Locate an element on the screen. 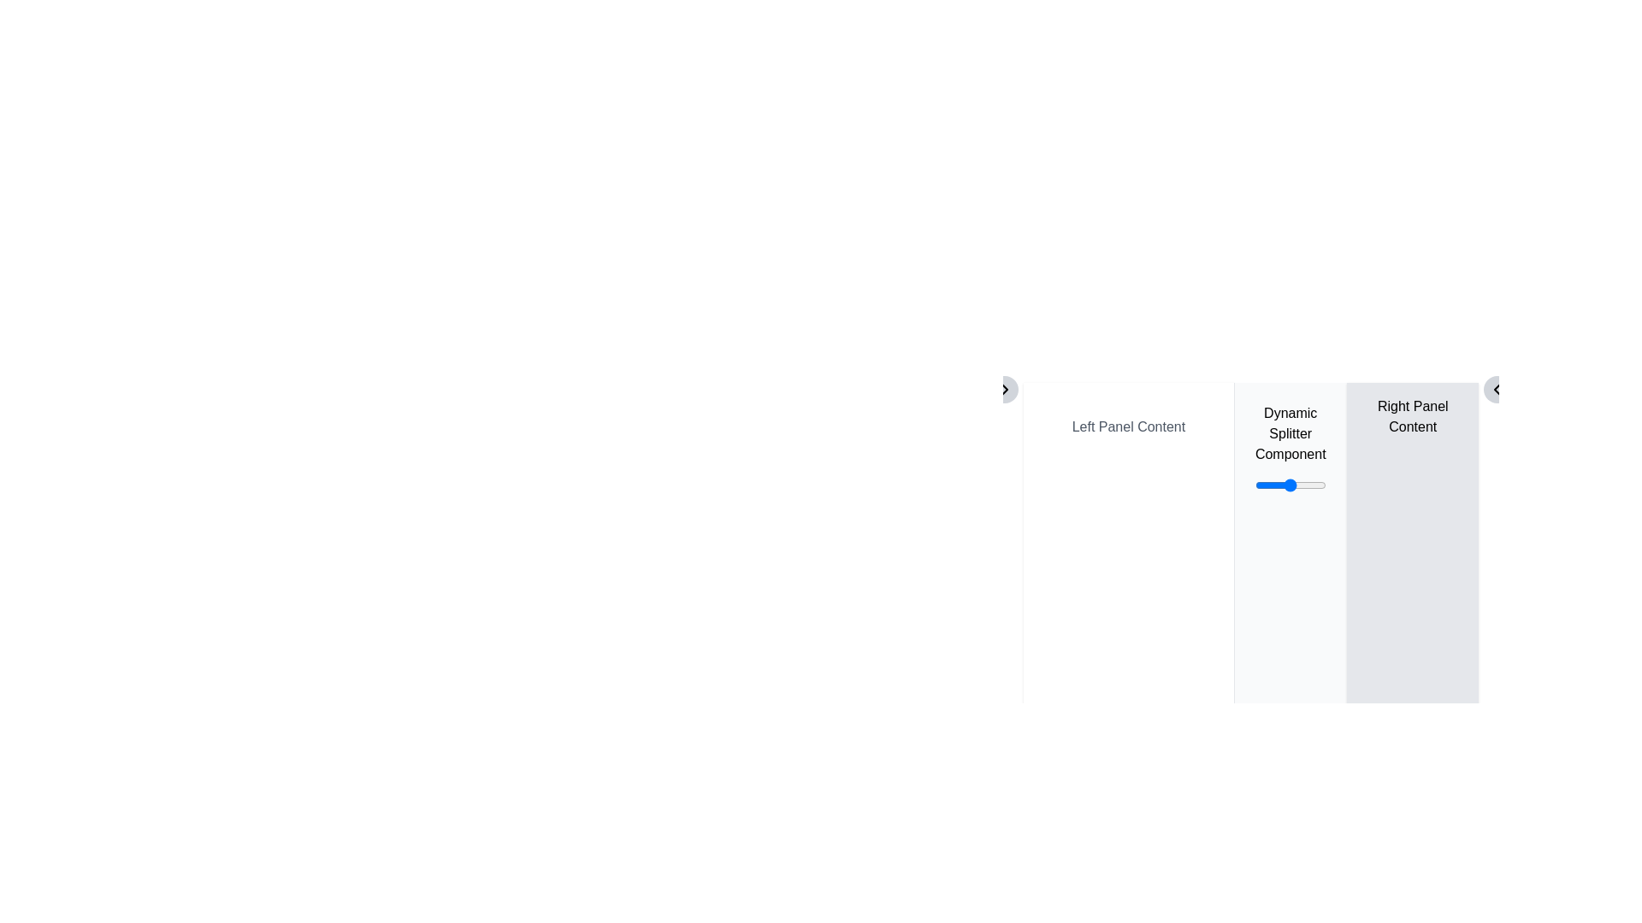 The width and height of the screenshot is (1642, 923). the button located at the upper-left corner of the 'Right Panel Content' section is located at coordinates (1005, 389).